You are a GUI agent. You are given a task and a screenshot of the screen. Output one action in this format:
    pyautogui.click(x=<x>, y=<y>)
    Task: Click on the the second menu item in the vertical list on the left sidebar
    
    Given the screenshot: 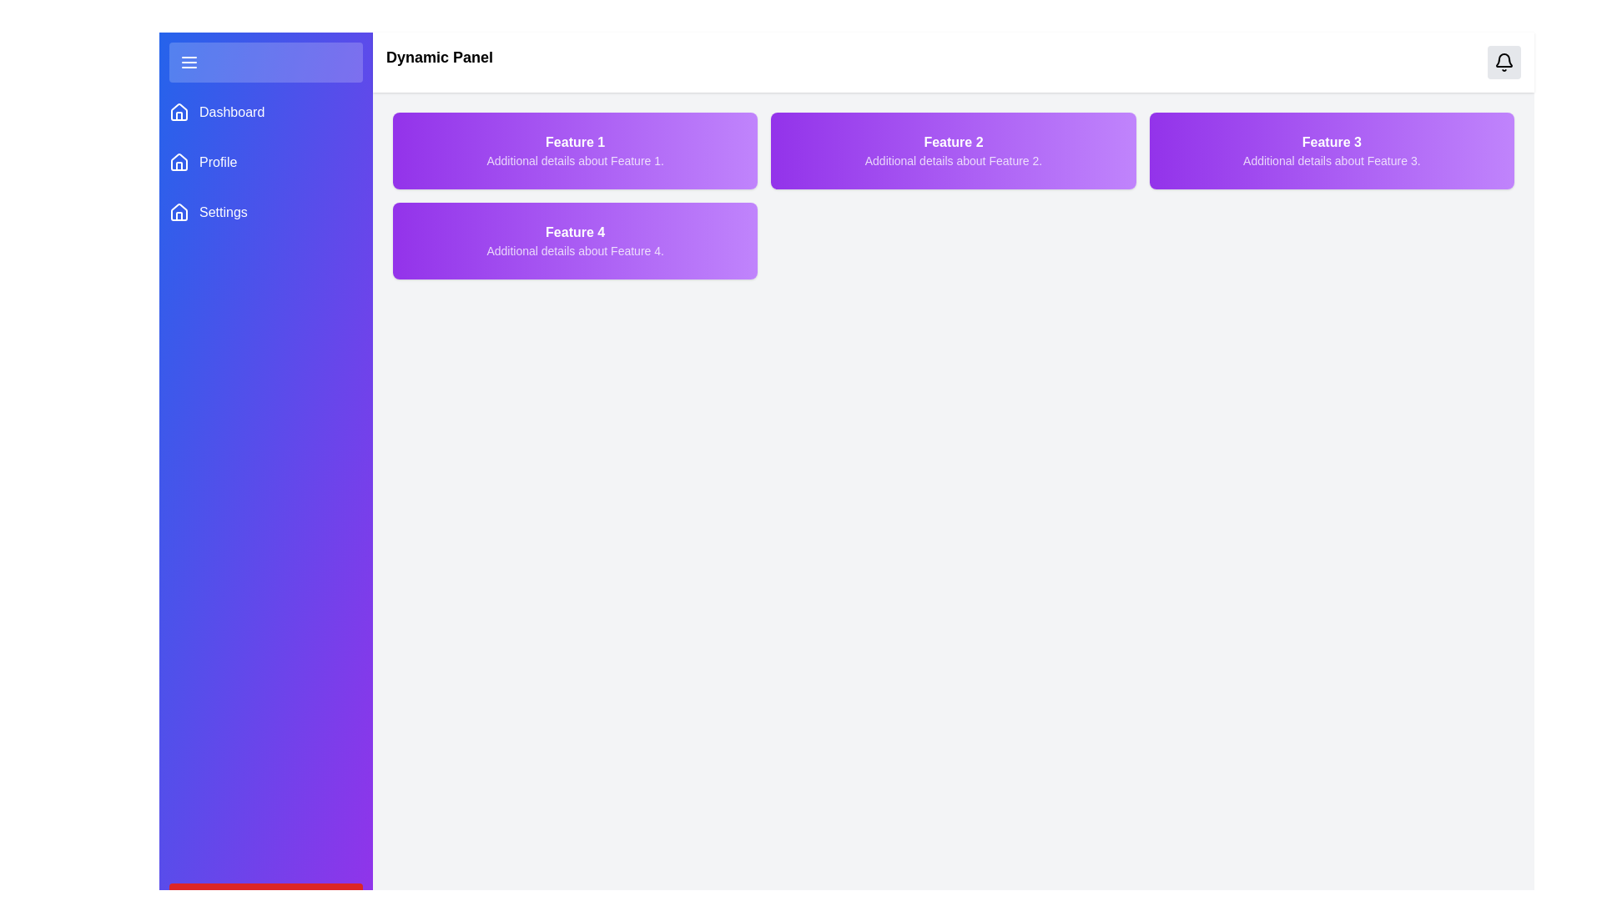 What is the action you would take?
    pyautogui.click(x=264, y=163)
    